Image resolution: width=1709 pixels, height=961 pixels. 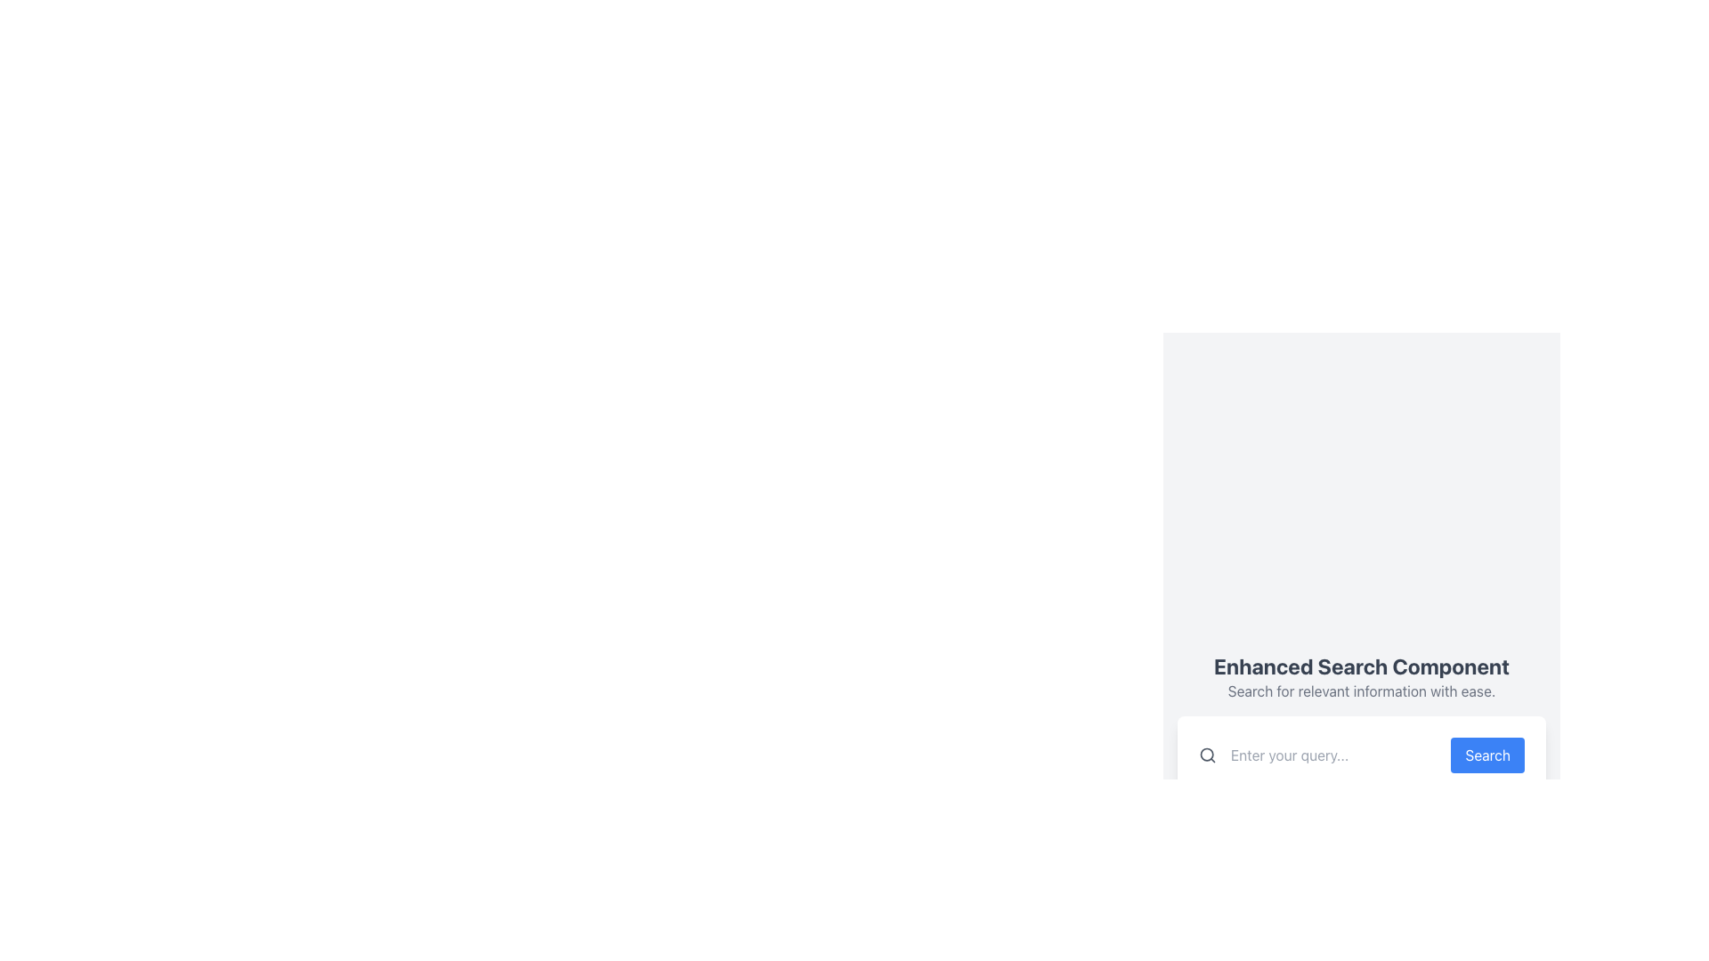 What do you see at coordinates (1208, 755) in the screenshot?
I see `the magnifying glass icon, which is styled as an SVG graphic with a circular lens and a short handle, and is positioned directly to the left of a text input field` at bounding box center [1208, 755].